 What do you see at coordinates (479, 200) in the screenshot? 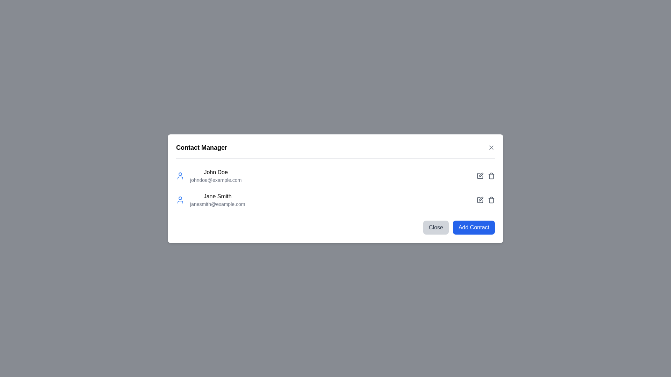
I see `the 'edit' action button for editing the contact information of 'Jane Smith', which is the first icon in the row of action icons on the right side of her entry in the contacts list` at bounding box center [479, 200].